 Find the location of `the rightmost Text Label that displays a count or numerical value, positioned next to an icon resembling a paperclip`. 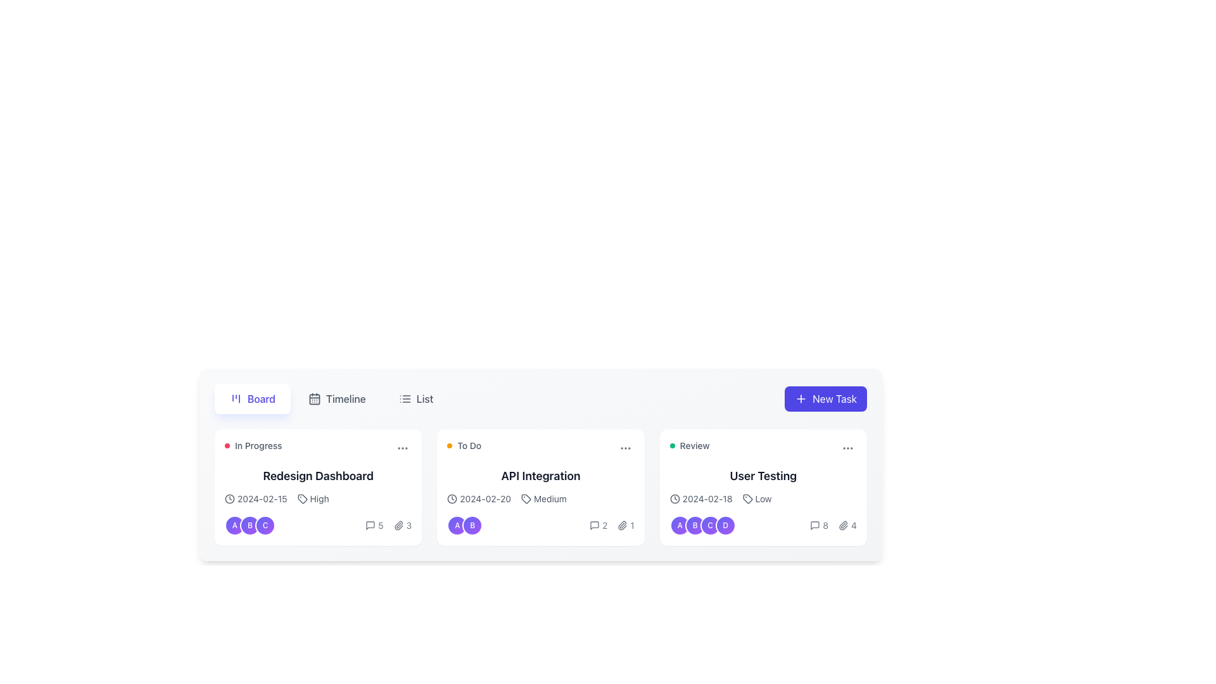

the rightmost Text Label that displays a count or numerical value, positioned next to an icon resembling a paperclip is located at coordinates (409, 525).